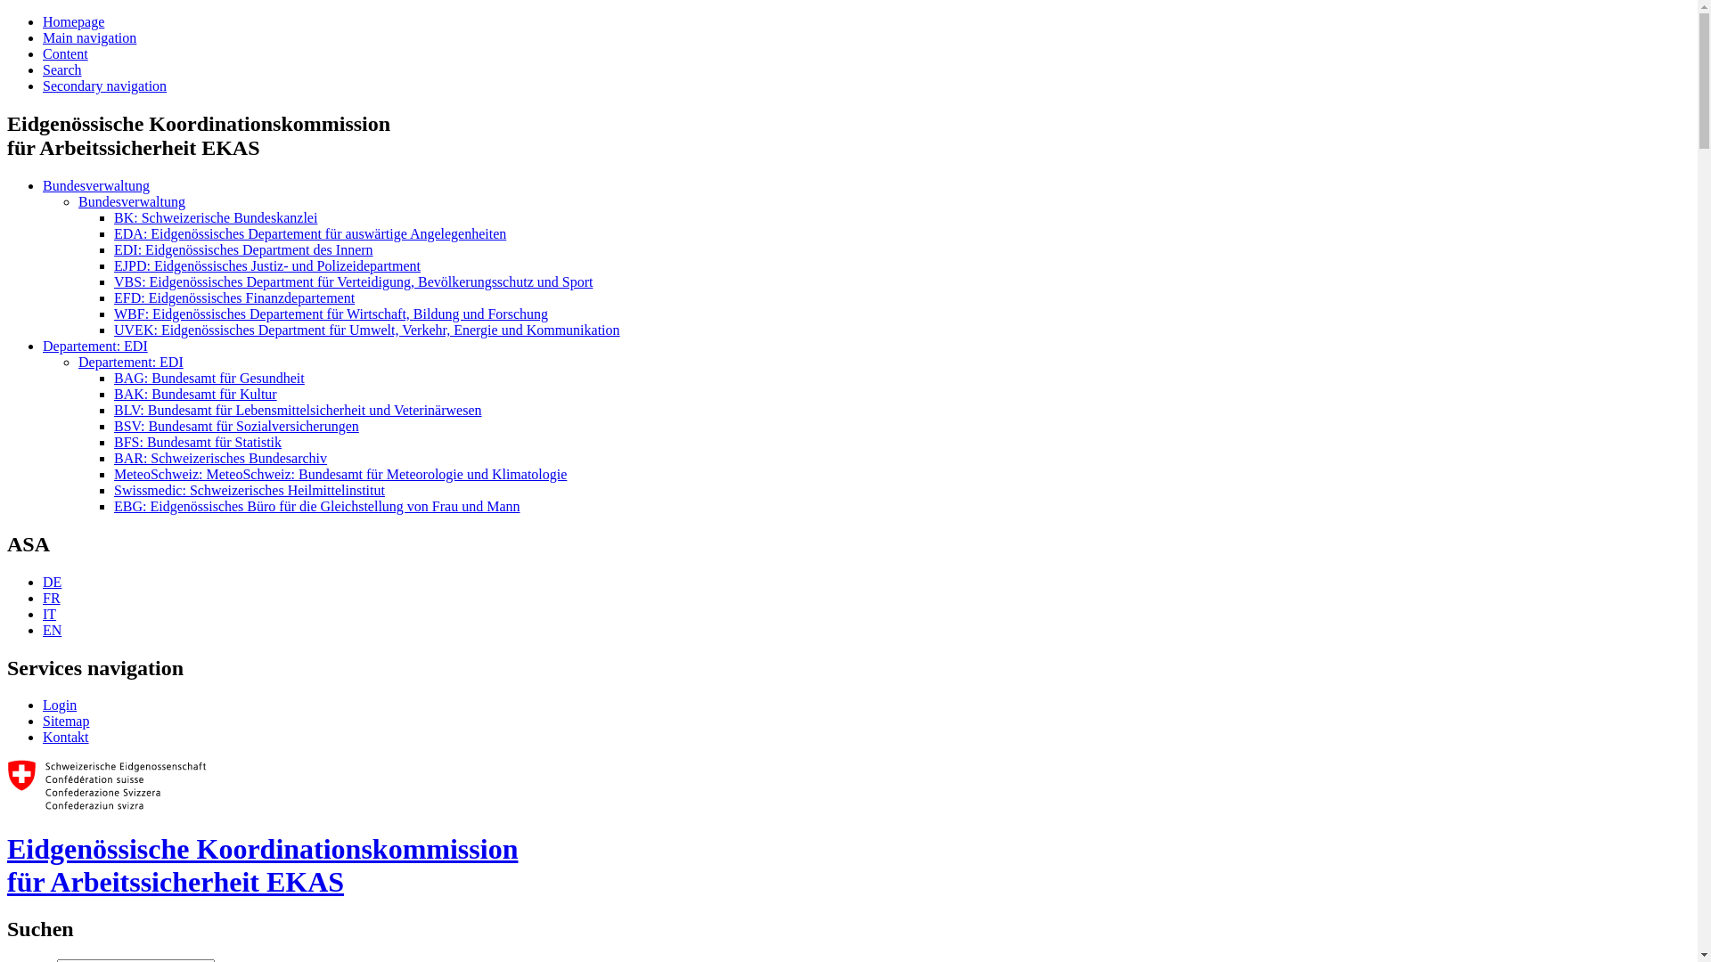 The width and height of the screenshot is (1711, 962). What do you see at coordinates (214, 216) in the screenshot?
I see `'BK: Schweizerische Bundeskanzlei'` at bounding box center [214, 216].